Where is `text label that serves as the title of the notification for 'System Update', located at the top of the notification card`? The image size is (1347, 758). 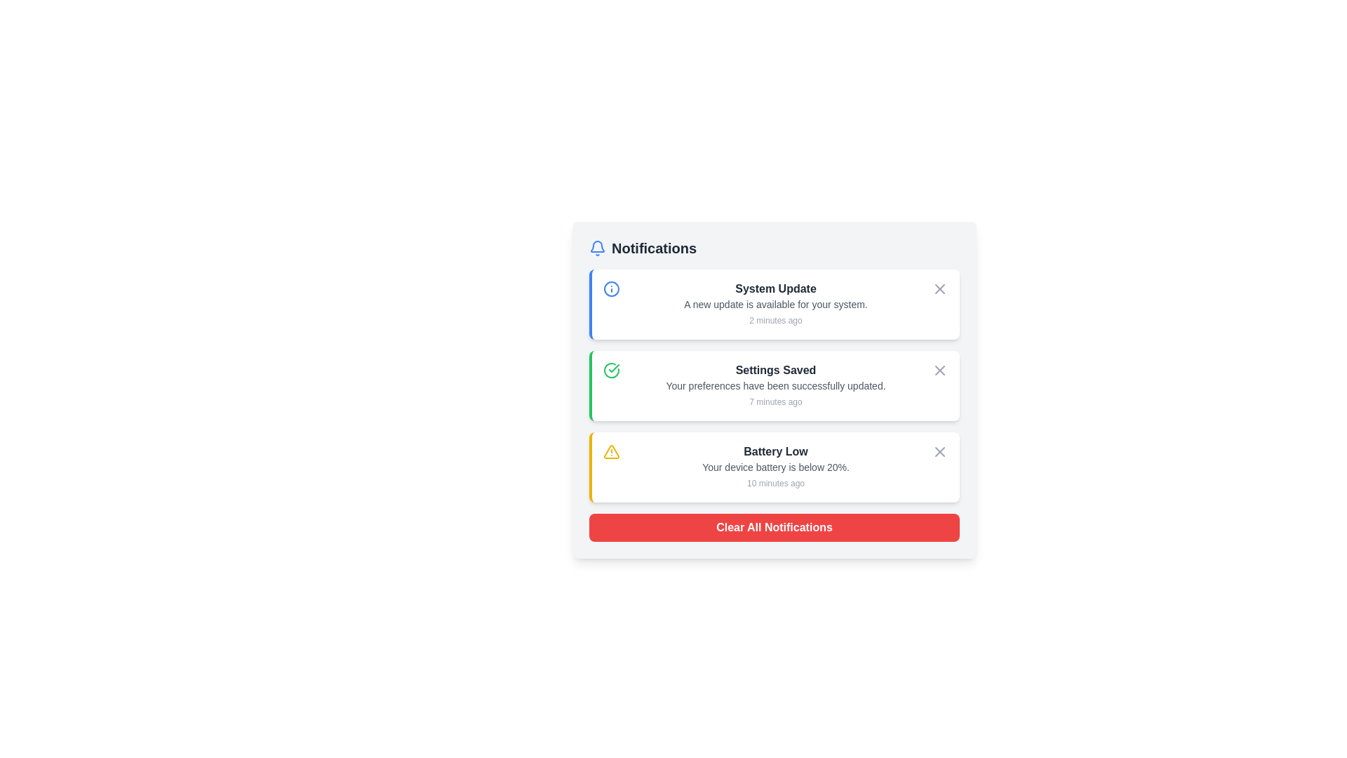 text label that serves as the title of the notification for 'System Update', located at the top of the notification card is located at coordinates (775, 288).